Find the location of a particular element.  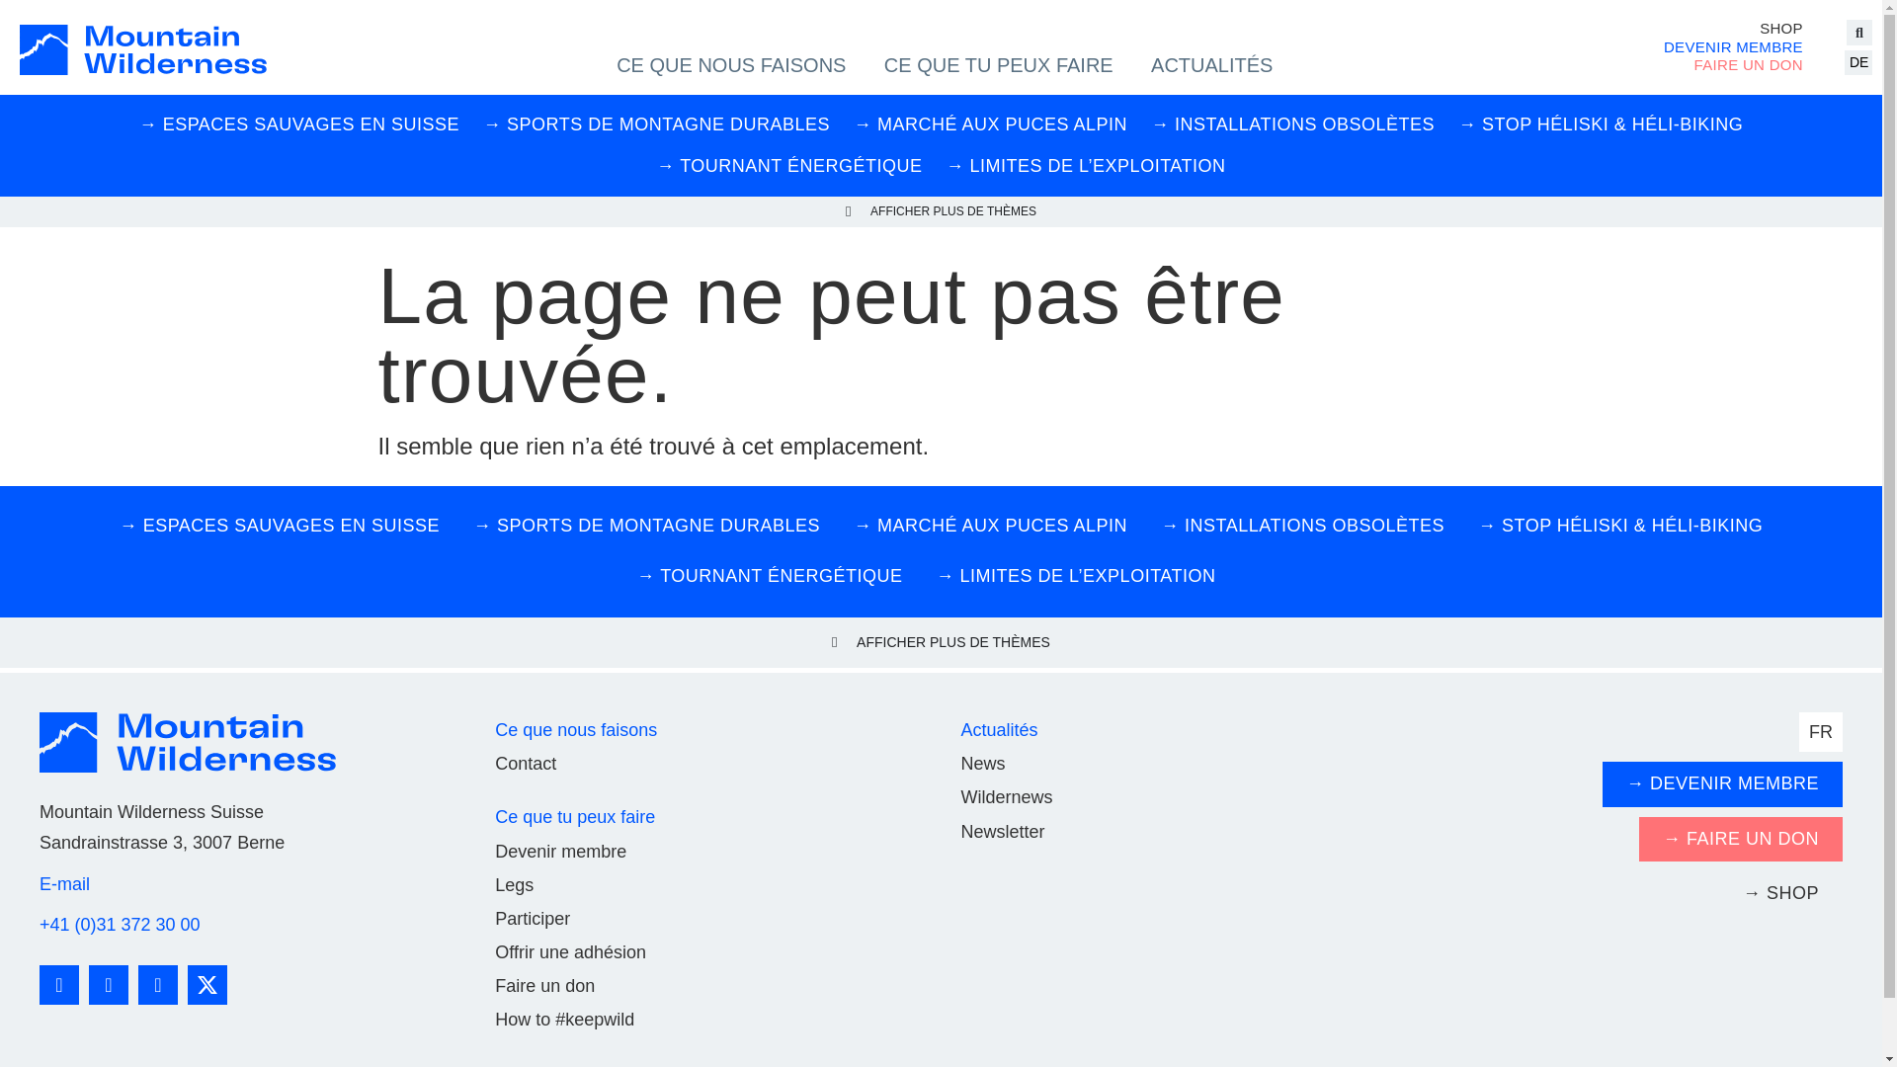

'How to #keepwild' is located at coordinates (494, 1020).